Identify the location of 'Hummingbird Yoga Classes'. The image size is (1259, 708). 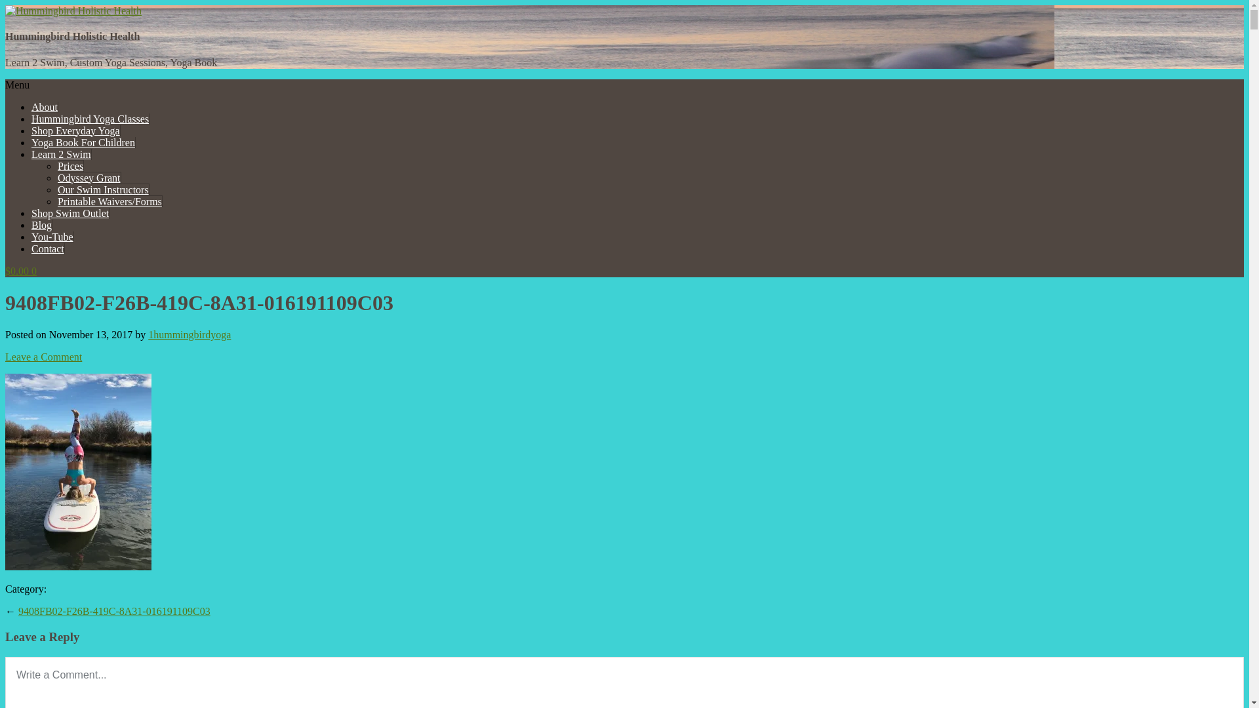
(31, 119).